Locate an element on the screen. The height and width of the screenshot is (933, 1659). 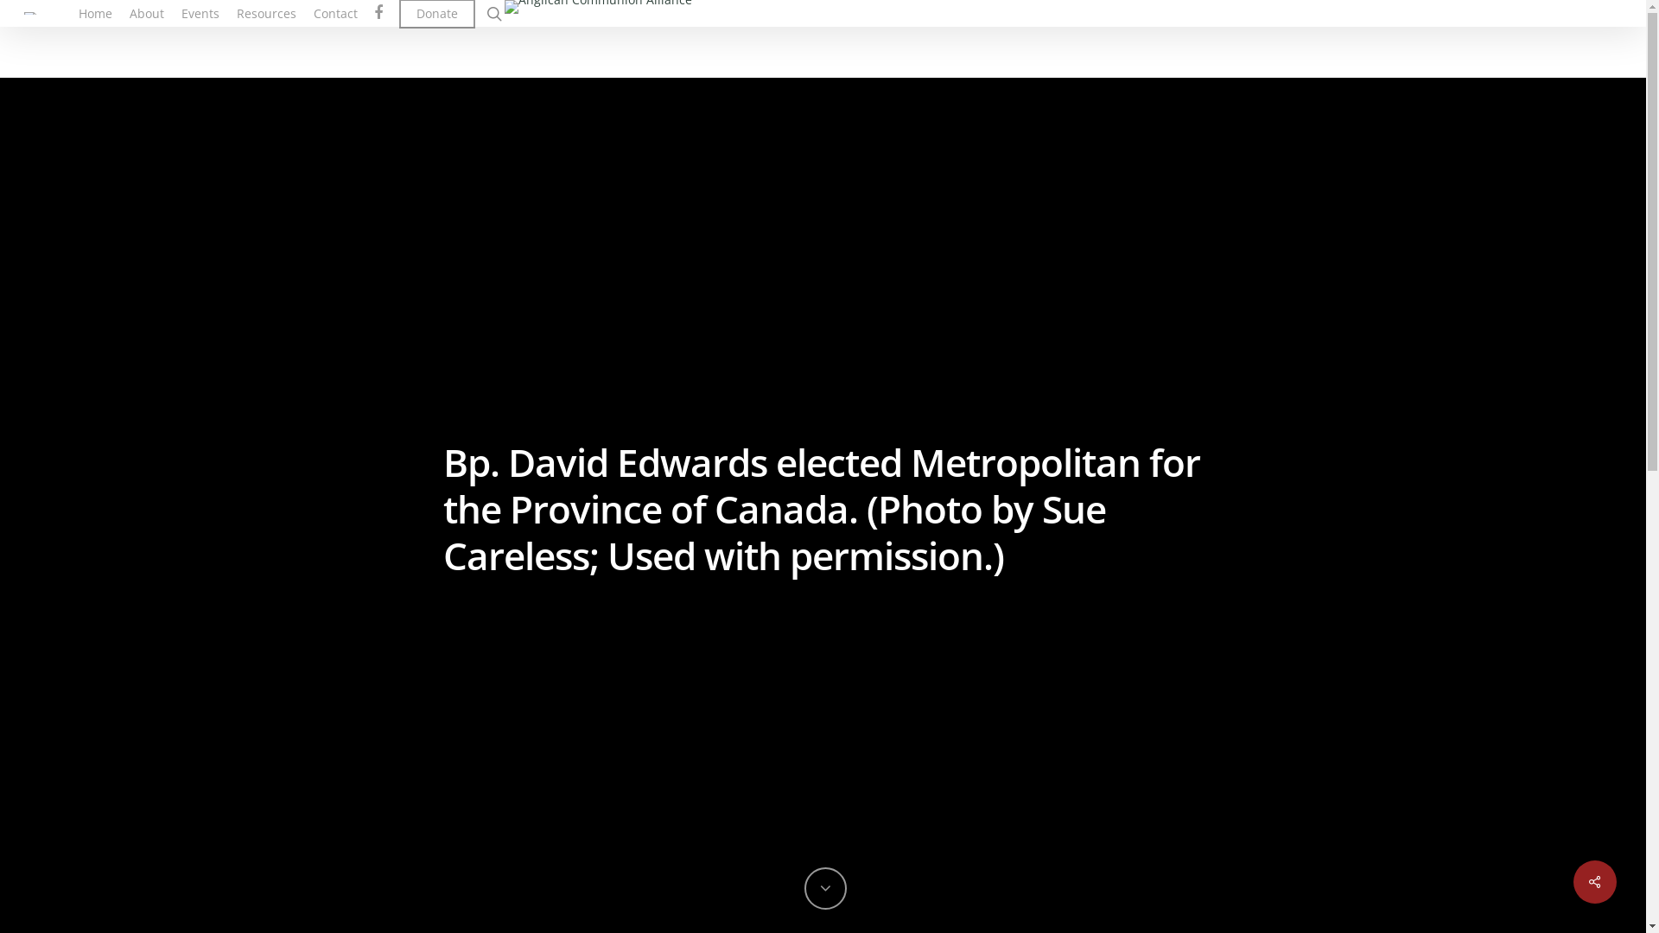
'search' is located at coordinates (493, 13).